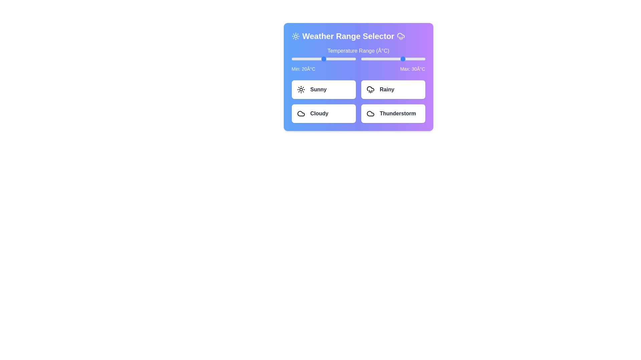 This screenshot has height=360, width=641. I want to click on the maximum temperature slider to 37°C, so click(411, 59).